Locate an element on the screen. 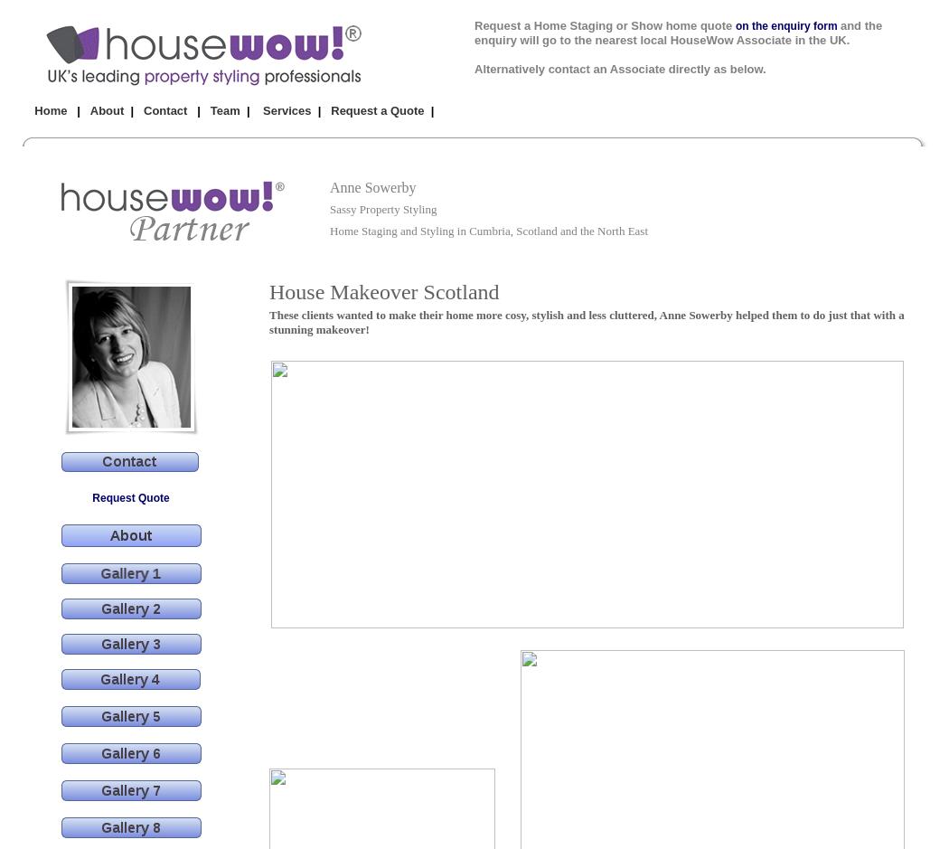 The image size is (949, 849). 'These
                              clients wanted to make their home more cosy,
                              stylish and less cluttered, Anne Sowerby helped
                              them to do just that with a stunning makeover!' is located at coordinates (586, 321).